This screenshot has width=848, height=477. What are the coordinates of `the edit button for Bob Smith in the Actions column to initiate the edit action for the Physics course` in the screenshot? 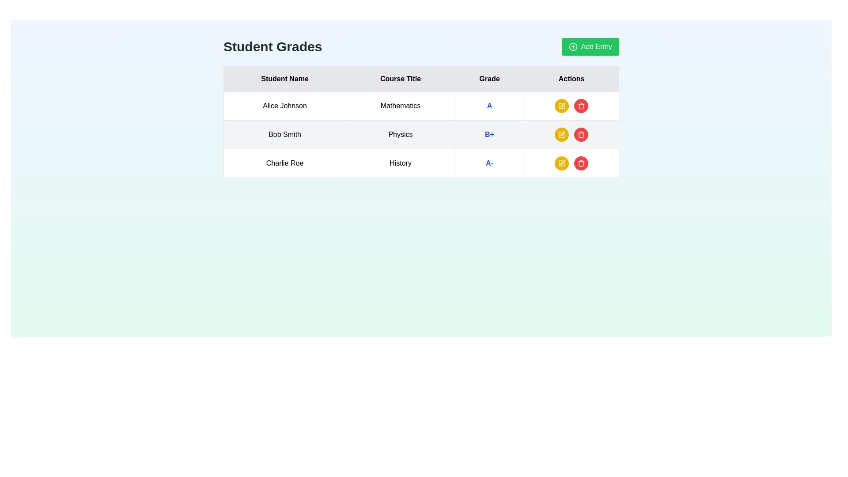 It's located at (561, 134).